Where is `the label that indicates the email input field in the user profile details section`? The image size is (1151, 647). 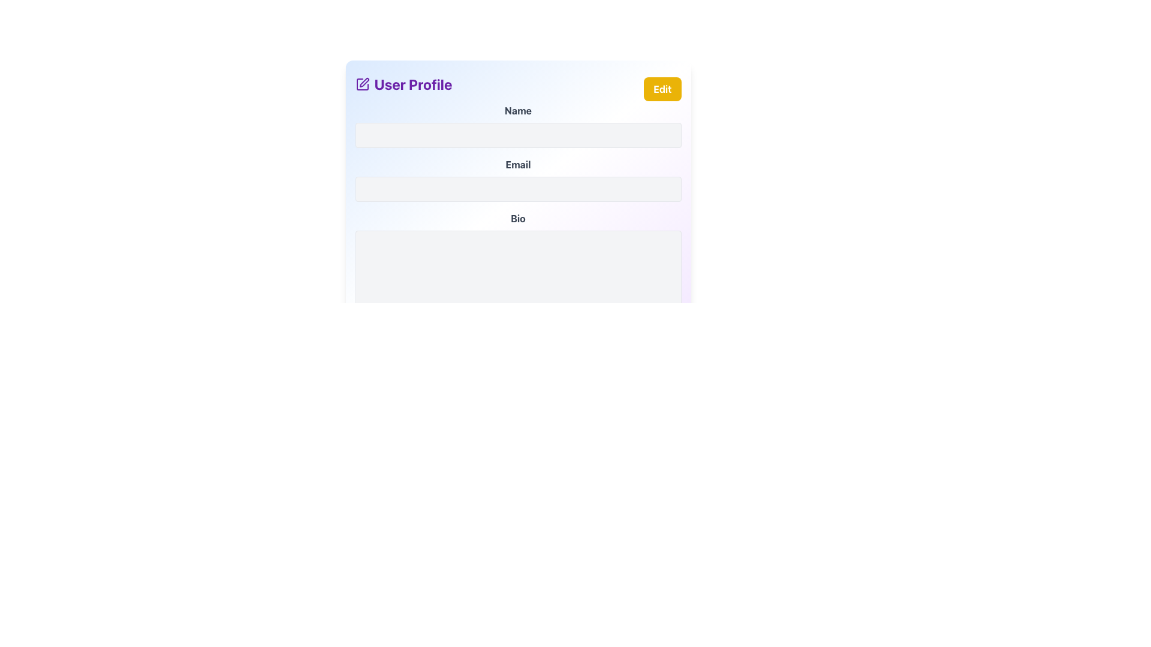
the label that indicates the email input field in the user profile details section is located at coordinates (518, 164).